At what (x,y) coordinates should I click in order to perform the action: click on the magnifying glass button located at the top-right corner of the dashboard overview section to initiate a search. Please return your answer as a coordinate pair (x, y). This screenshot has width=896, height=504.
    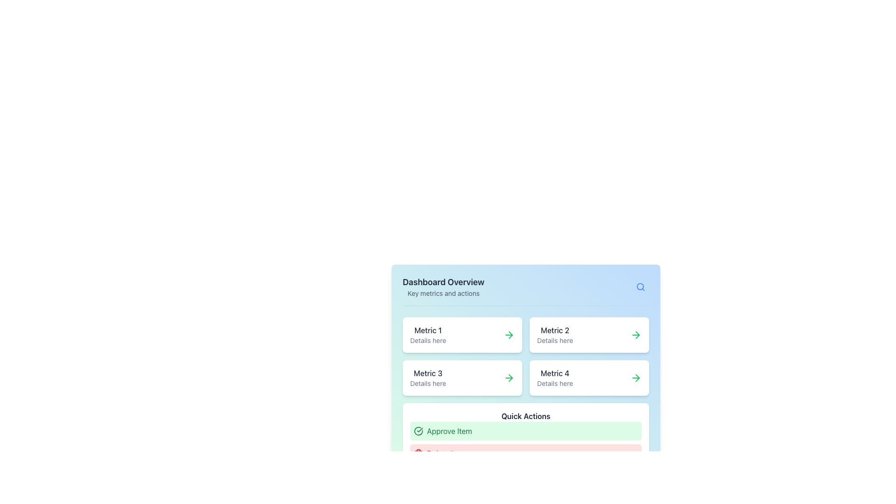
    Looking at the image, I should click on (640, 286).